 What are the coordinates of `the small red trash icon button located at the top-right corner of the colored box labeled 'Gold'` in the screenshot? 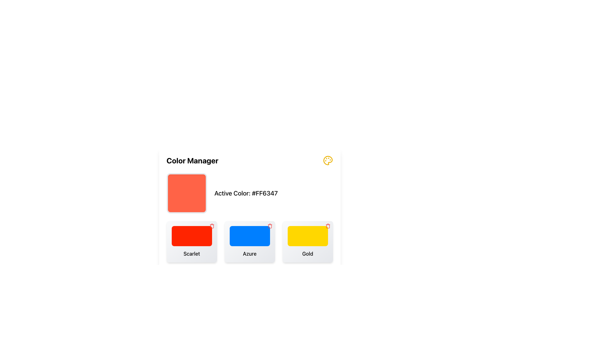 It's located at (328, 225).